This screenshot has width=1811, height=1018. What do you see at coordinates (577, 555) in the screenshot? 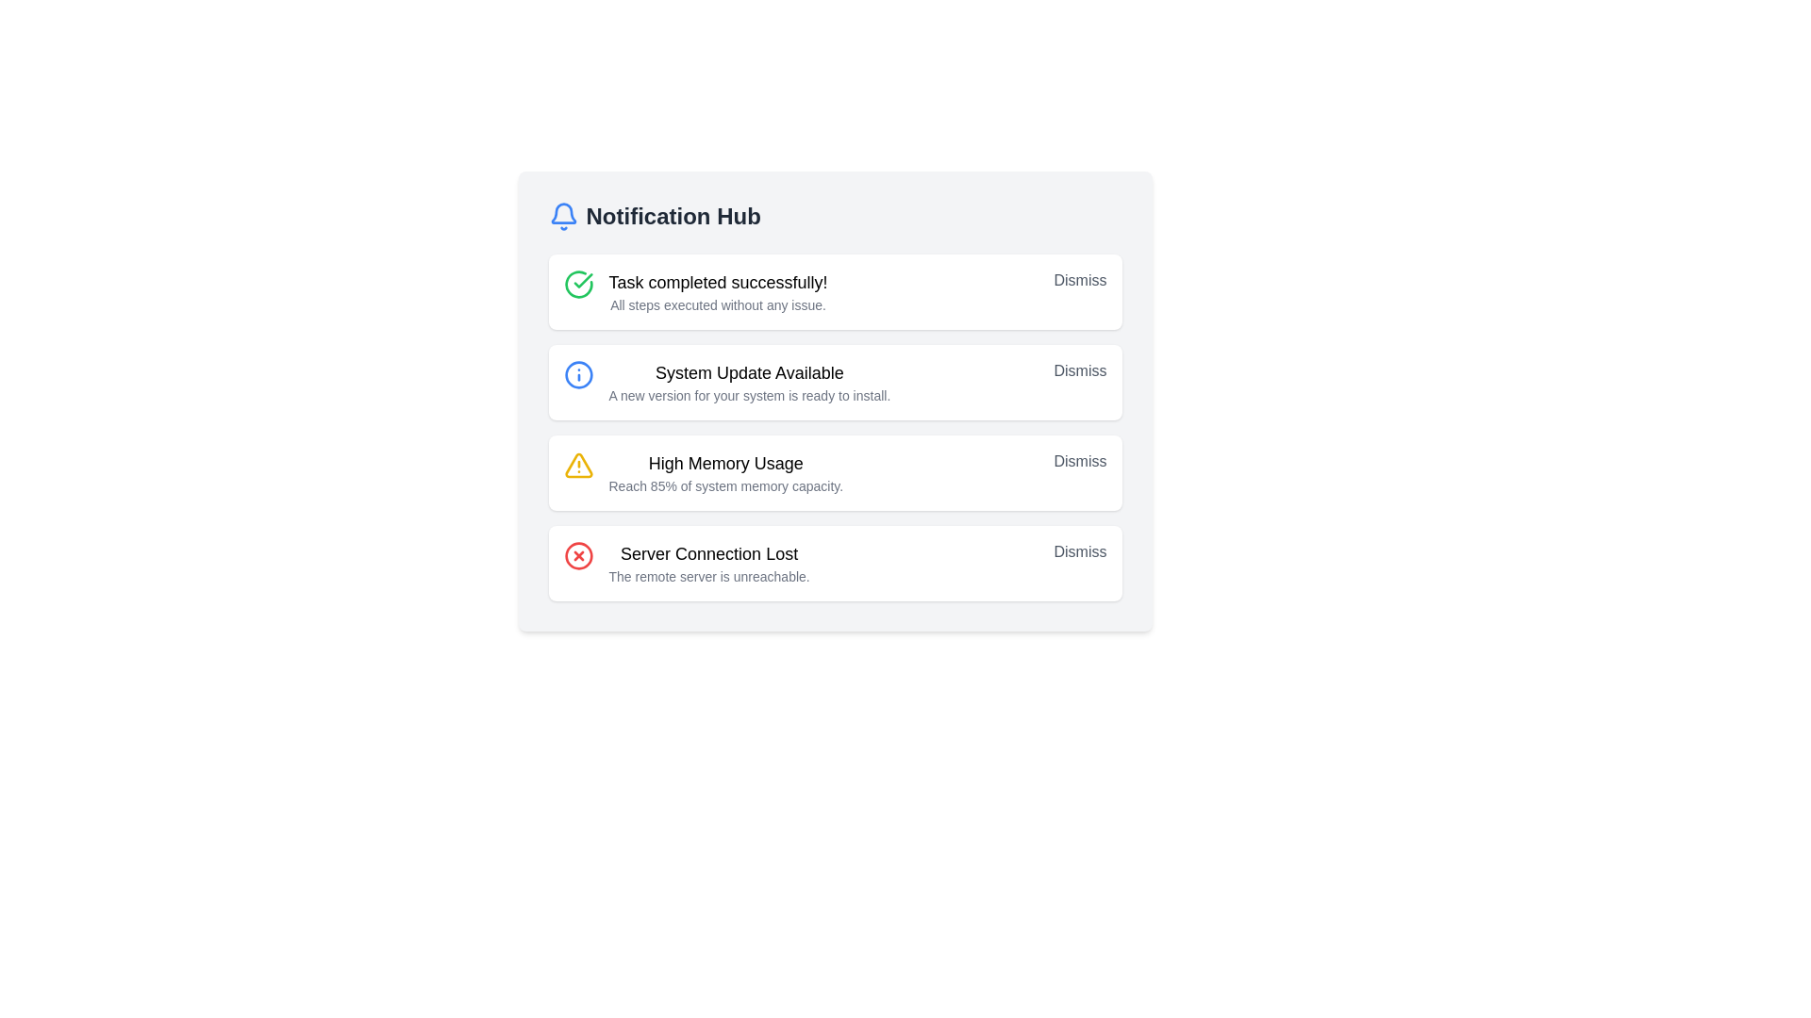
I see `the error indicator icon located on the left side of the notification labeled 'Server Connection Lost.' This icon visually indicates an error or failure status` at bounding box center [577, 555].